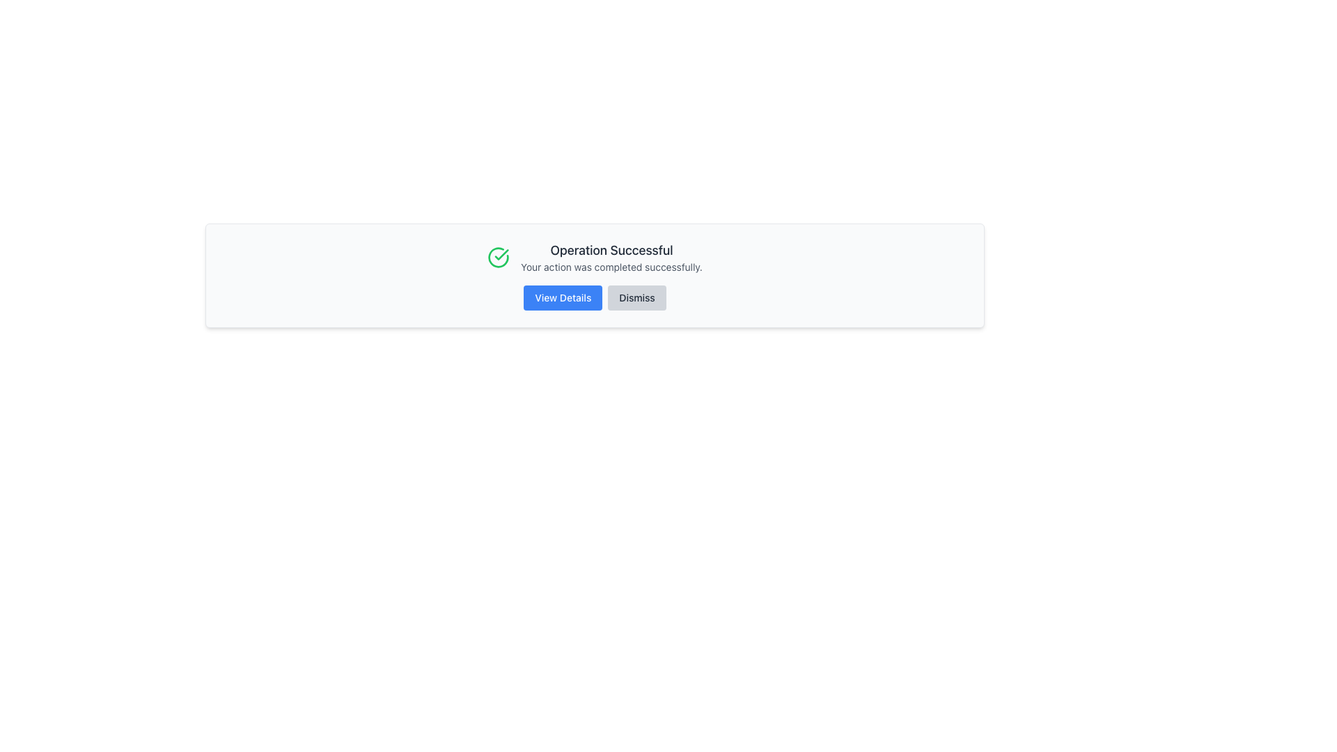 Image resolution: width=1337 pixels, height=752 pixels. What do you see at coordinates (501, 255) in the screenshot?
I see `the success message icon located near the left side of the success notification text to visually convey success or affirmation` at bounding box center [501, 255].